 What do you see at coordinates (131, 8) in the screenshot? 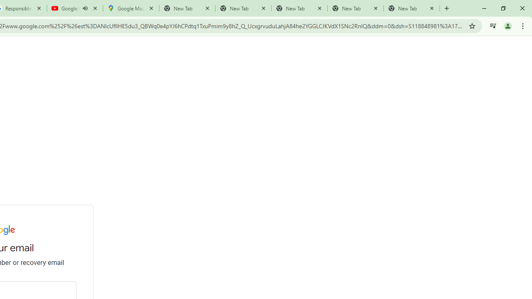
I see `'Google Maps'` at bounding box center [131, 8].